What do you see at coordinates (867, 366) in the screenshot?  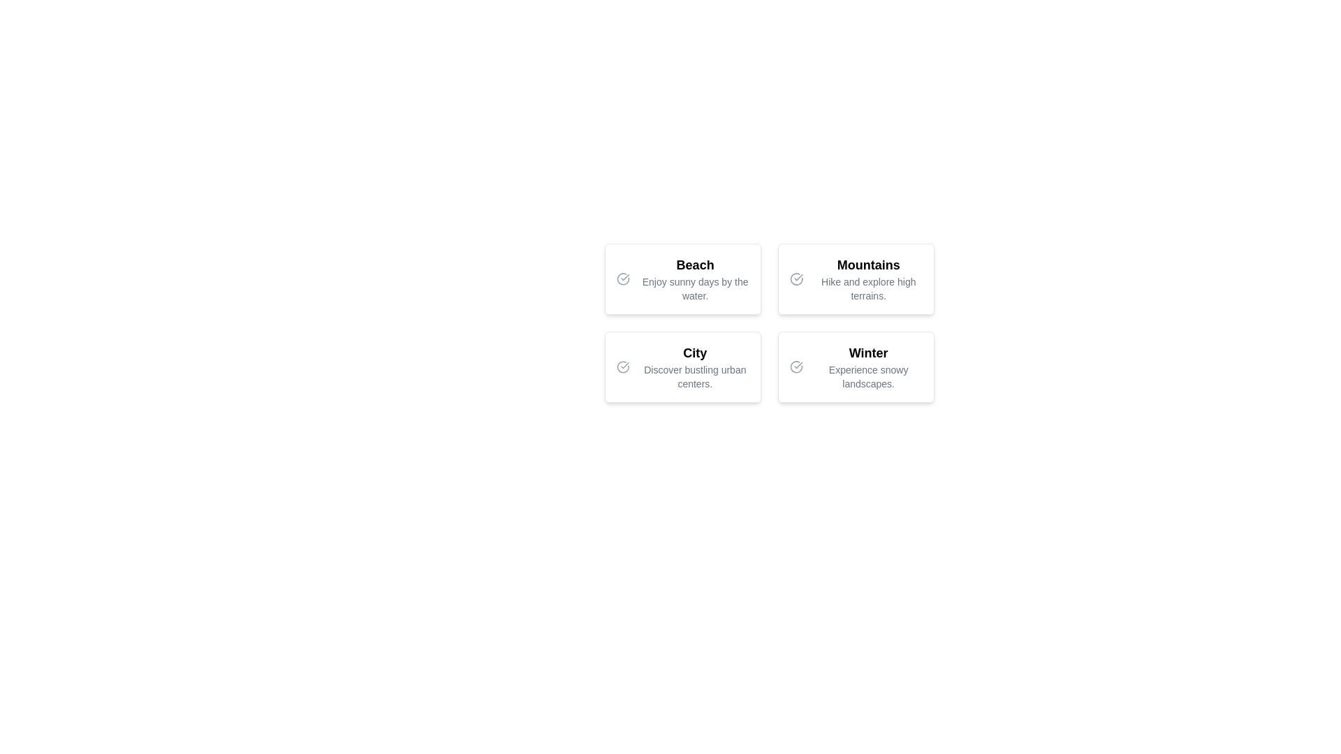 I see `the text element titled 'Winter' which is part of a grid of selectable options` at bounding box center [867, 366].